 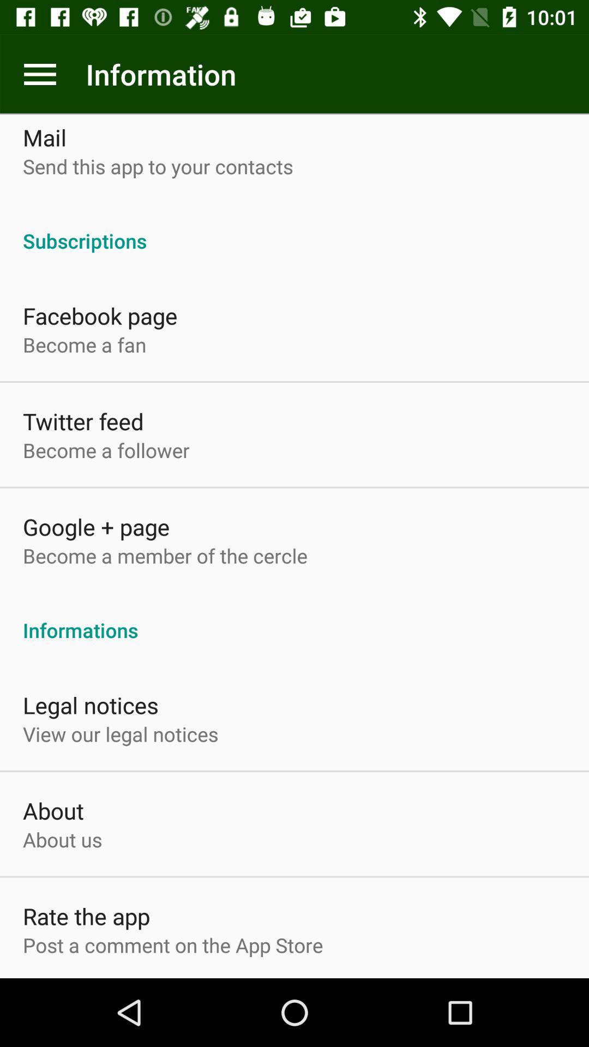 What do you see at coordinates (294, 618) in the screenshot?
I see `item at the center` at bounding box center [294, 618].